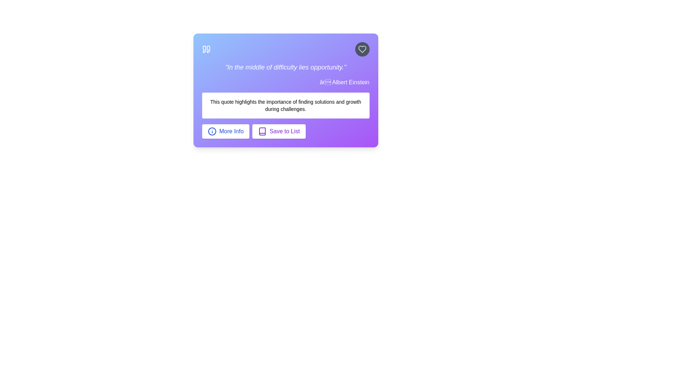  What do you see at coordinates (212, 131) in the screenshot?
I see `the information icon within the 'More Info' button, which is styled in a circular outline and features an 'i' symbol at its center, located on the bottom left of a card display` at bounding box center [212, 131].